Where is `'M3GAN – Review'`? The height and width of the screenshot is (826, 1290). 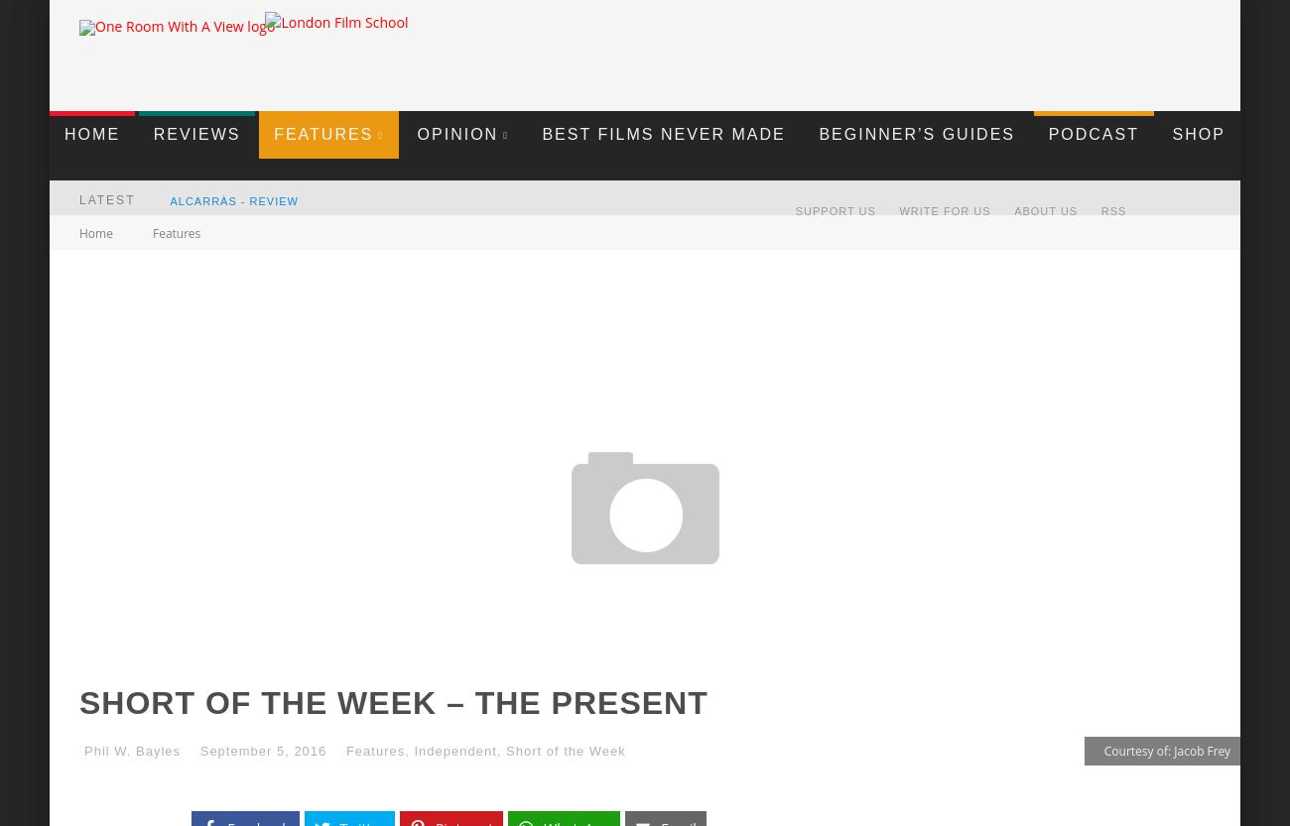
'M3GAN – Review' is located at coordinates (222, 266).